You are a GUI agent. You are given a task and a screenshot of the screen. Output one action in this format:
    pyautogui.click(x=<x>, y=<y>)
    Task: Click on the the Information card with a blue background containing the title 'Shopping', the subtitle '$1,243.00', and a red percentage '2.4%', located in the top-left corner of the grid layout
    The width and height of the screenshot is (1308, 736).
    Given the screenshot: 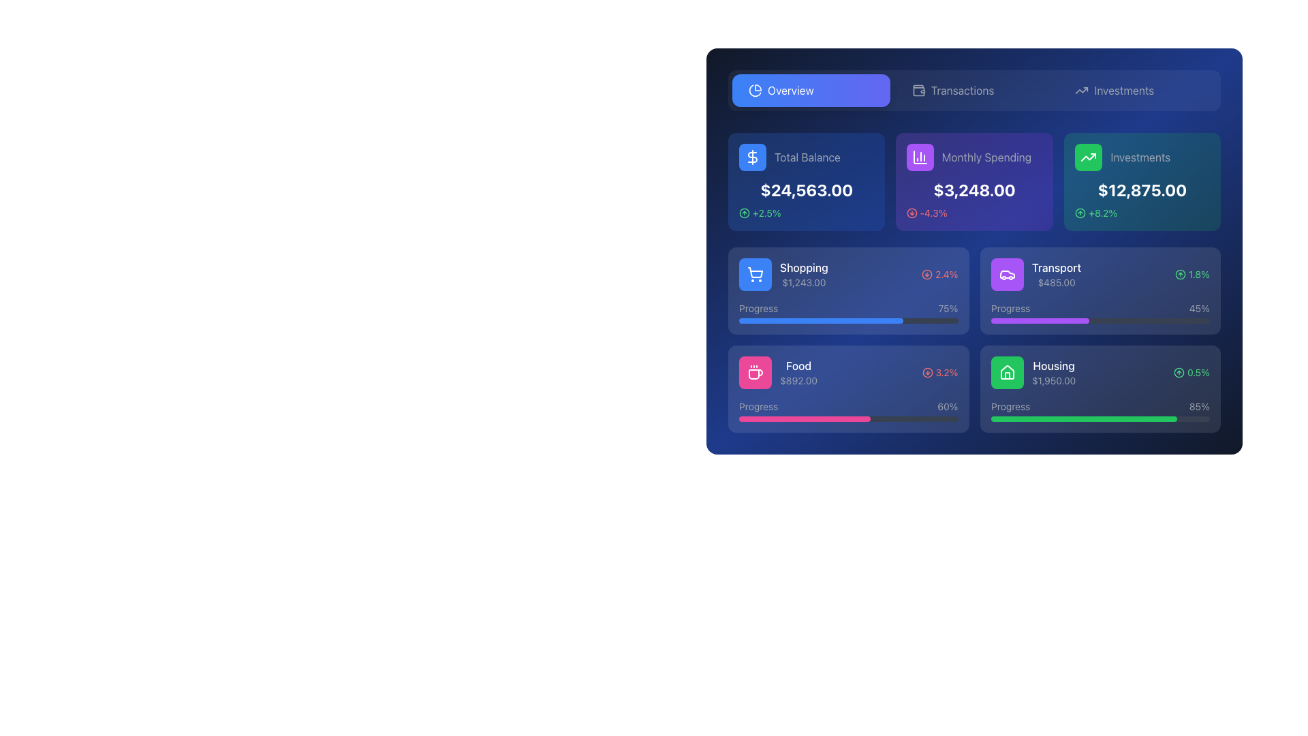 What is the action you would take?
    pyautogui.click(x=847, y=290)
    